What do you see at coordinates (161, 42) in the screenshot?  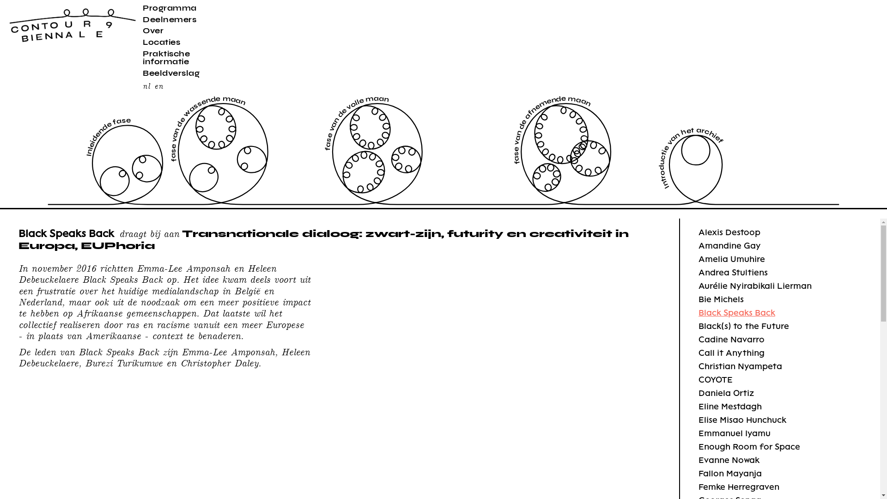 I see `'Locaties'` at bounding box center [161, 42].